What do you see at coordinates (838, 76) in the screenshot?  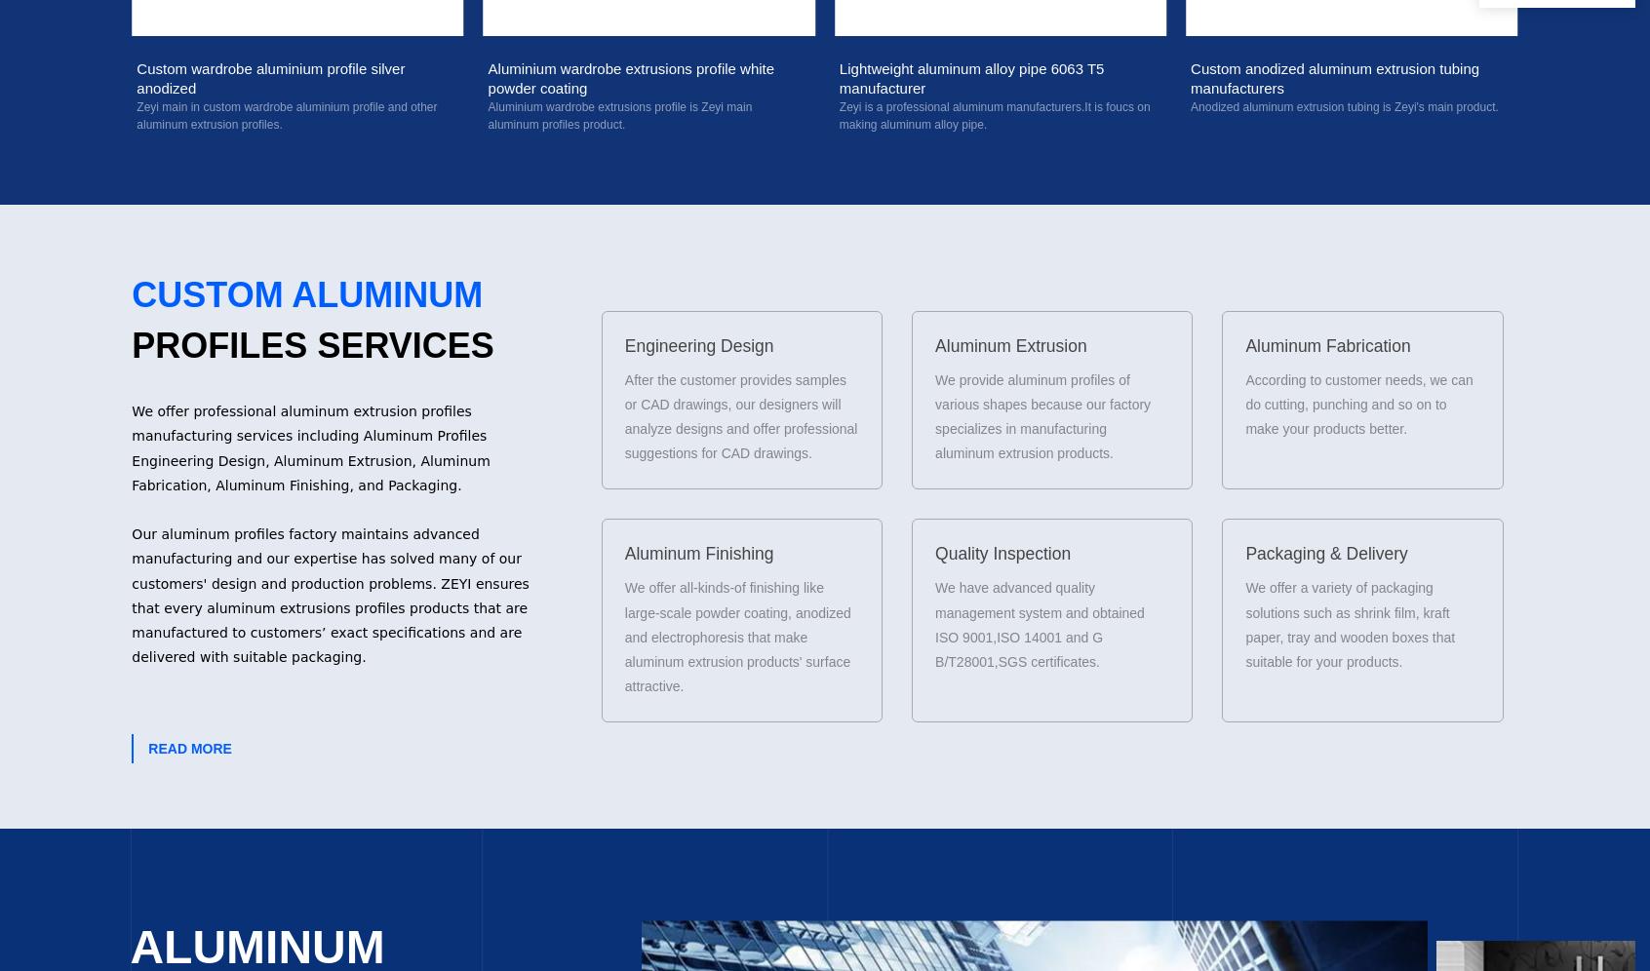 I see `'Custom anodized aluminum extrusion tubing manufacturers'` at bounding box center [838, 76].